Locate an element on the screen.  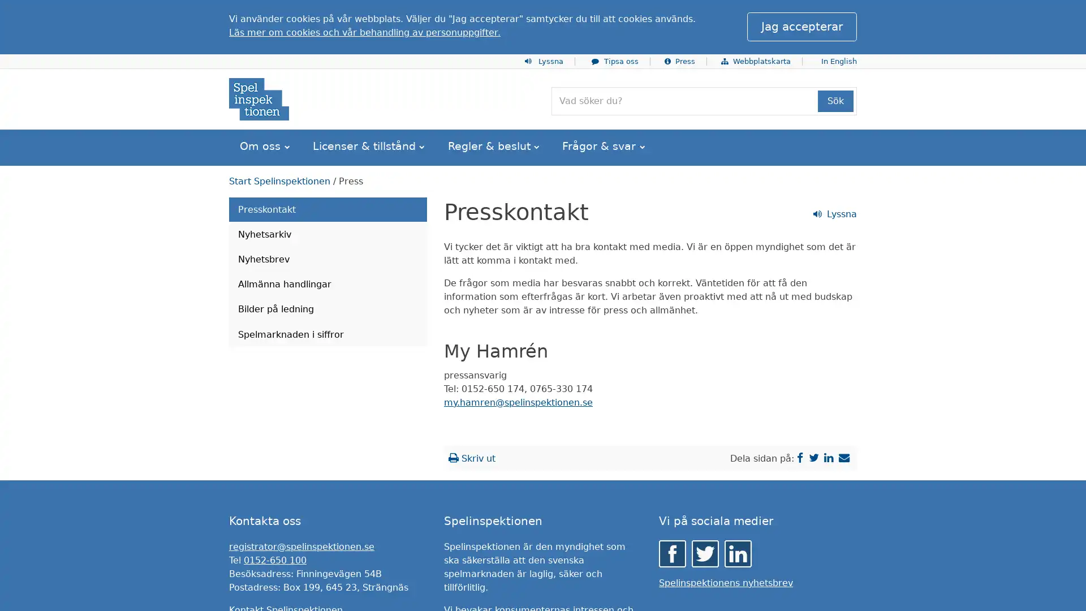
ReadSpeaker webReader: Lyssna med webReader is located at coordinates (273, 211).